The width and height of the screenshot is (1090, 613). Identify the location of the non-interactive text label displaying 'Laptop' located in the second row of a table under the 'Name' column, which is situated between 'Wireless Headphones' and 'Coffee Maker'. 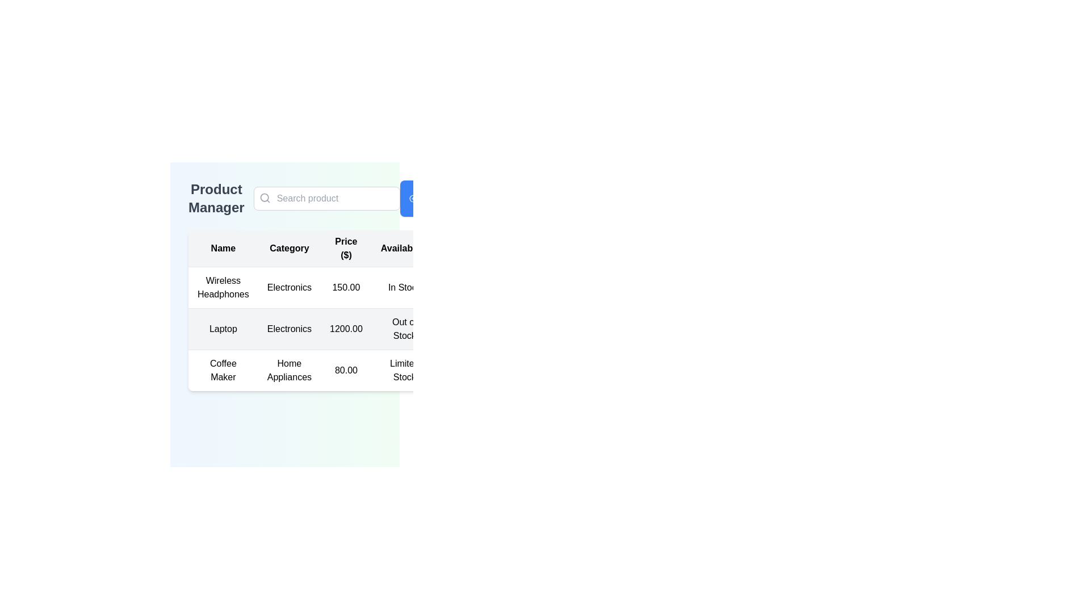
(223, 329).